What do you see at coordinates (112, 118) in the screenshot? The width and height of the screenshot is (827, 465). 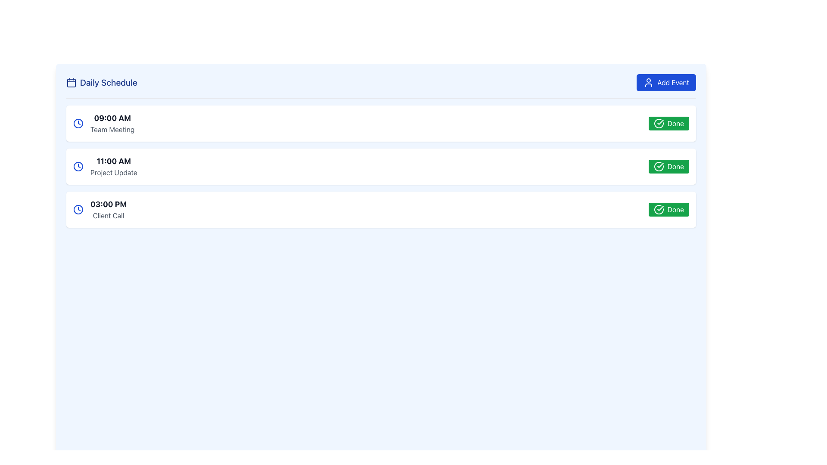 I see `the time text for the 'Team Meeting' event` at bounding box center [112, 118].